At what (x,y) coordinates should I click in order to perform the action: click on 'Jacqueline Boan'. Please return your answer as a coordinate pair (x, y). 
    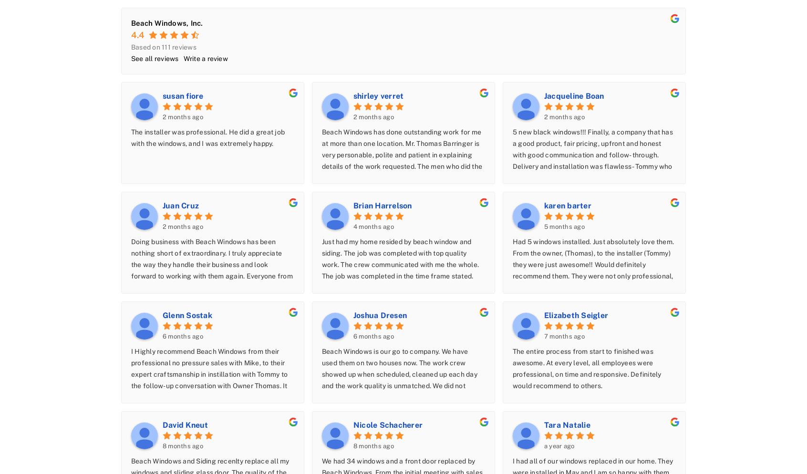
    Looking at the image, I should click on (543, 95).